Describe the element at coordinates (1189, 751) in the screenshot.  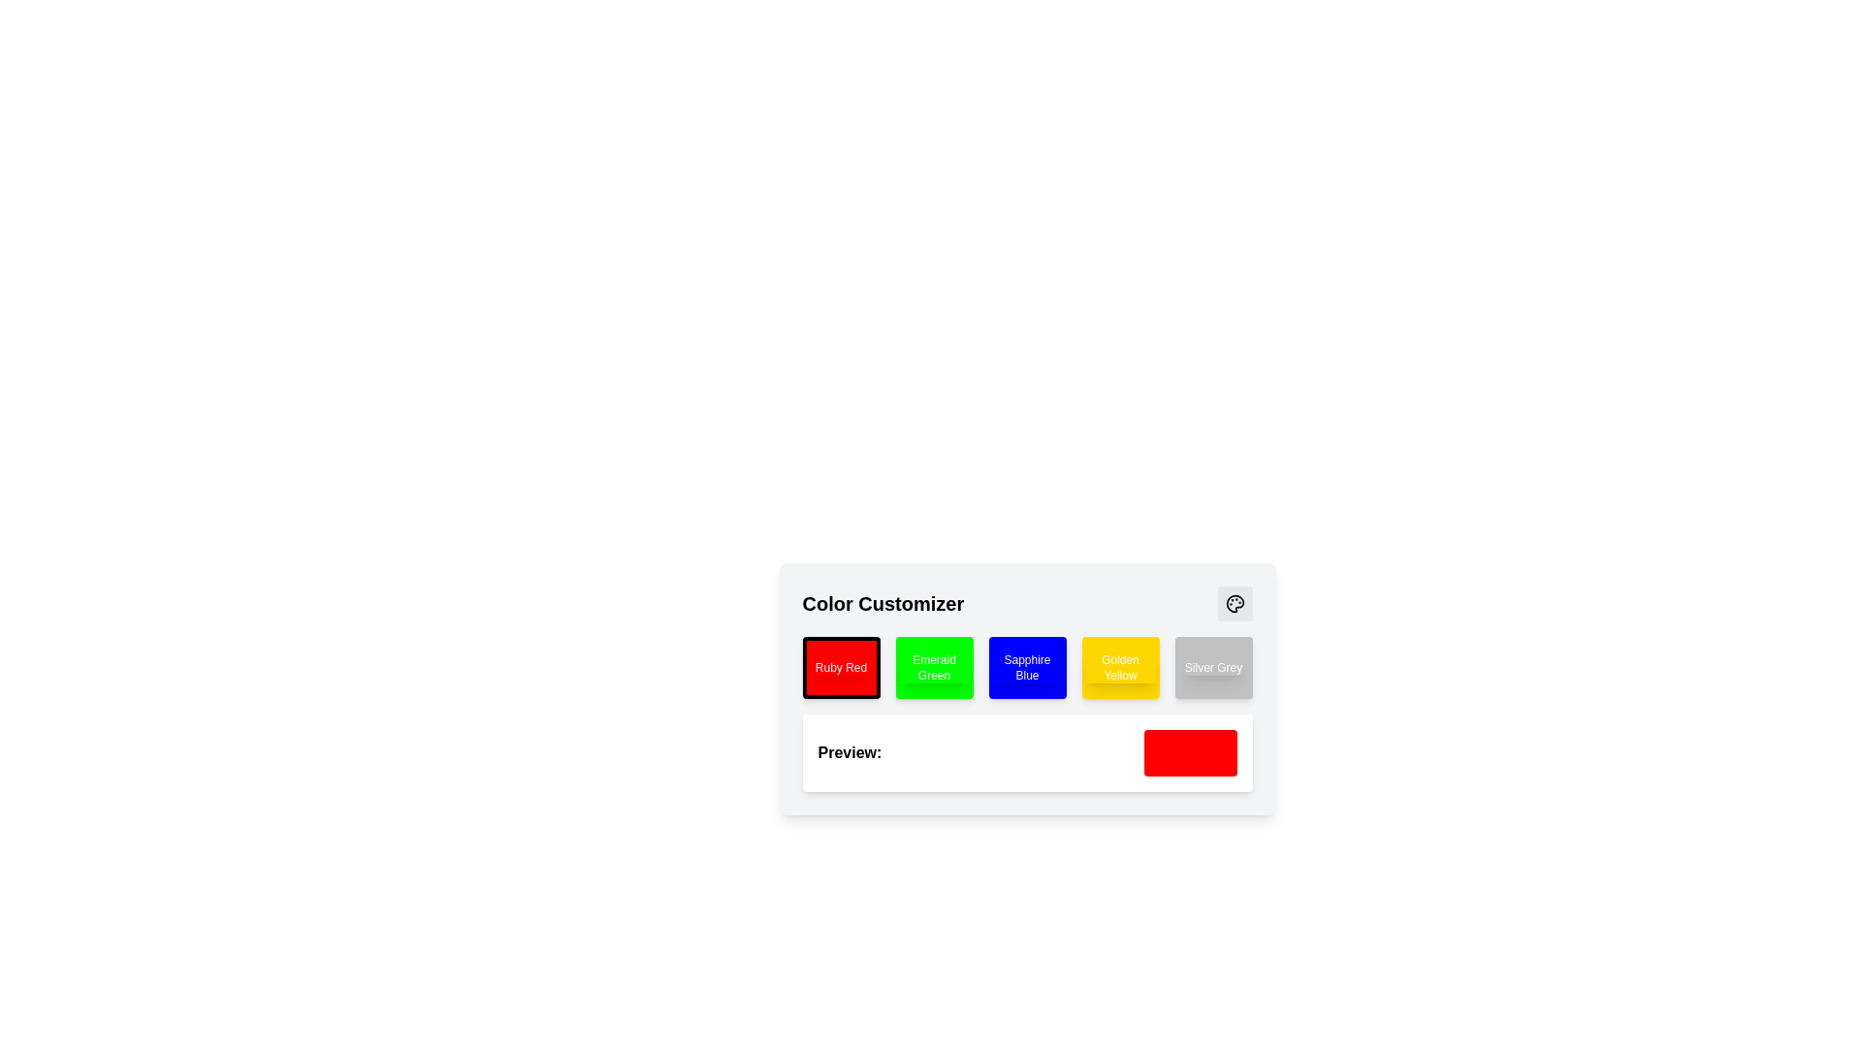
I see `the Color Display element that visually represents the currently selected color, which is 'red', located to the right of the 'Preview:' label in the bottom section of the card-like interface` at that location.